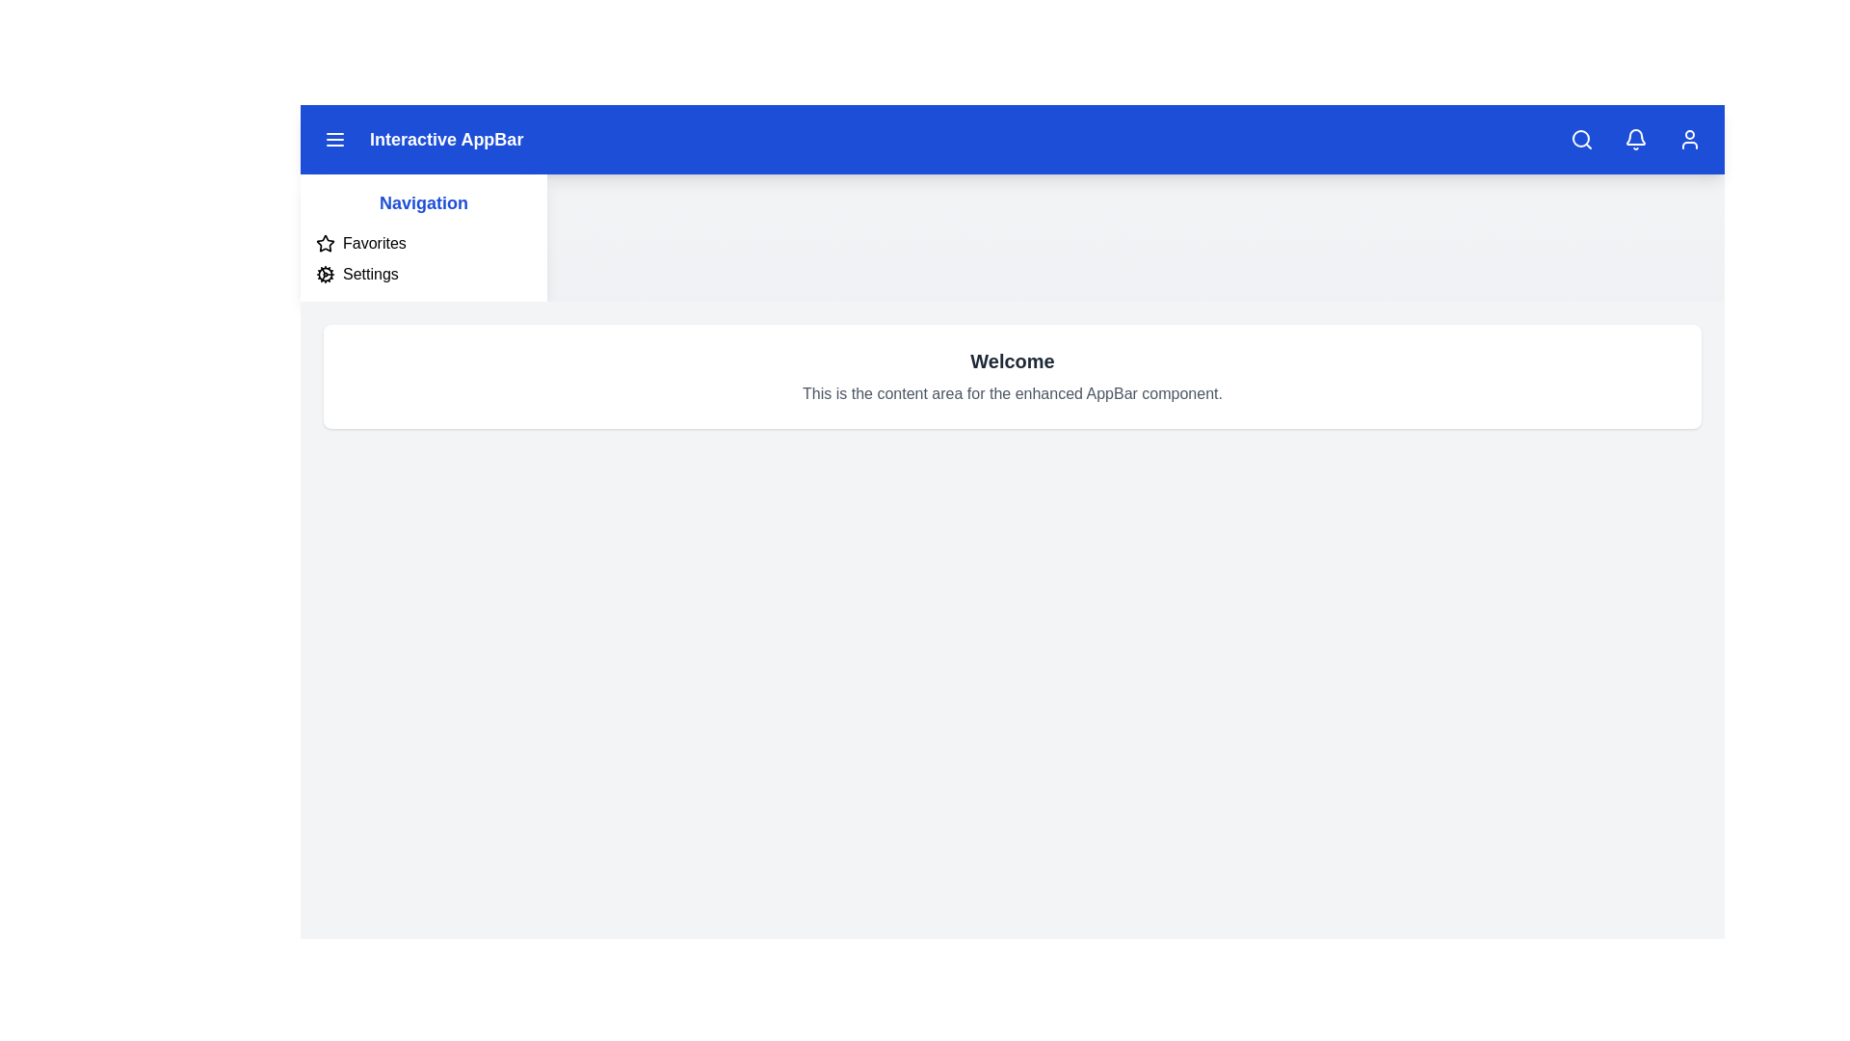 Image resolution: width=1850 pixels, height=1041 pixels. What do you see at coordinates (423, 275) in the screenshot?
I see `the 'Settings' option in the sidebar to navigate to the settings page` at bounding box center [423, 275].